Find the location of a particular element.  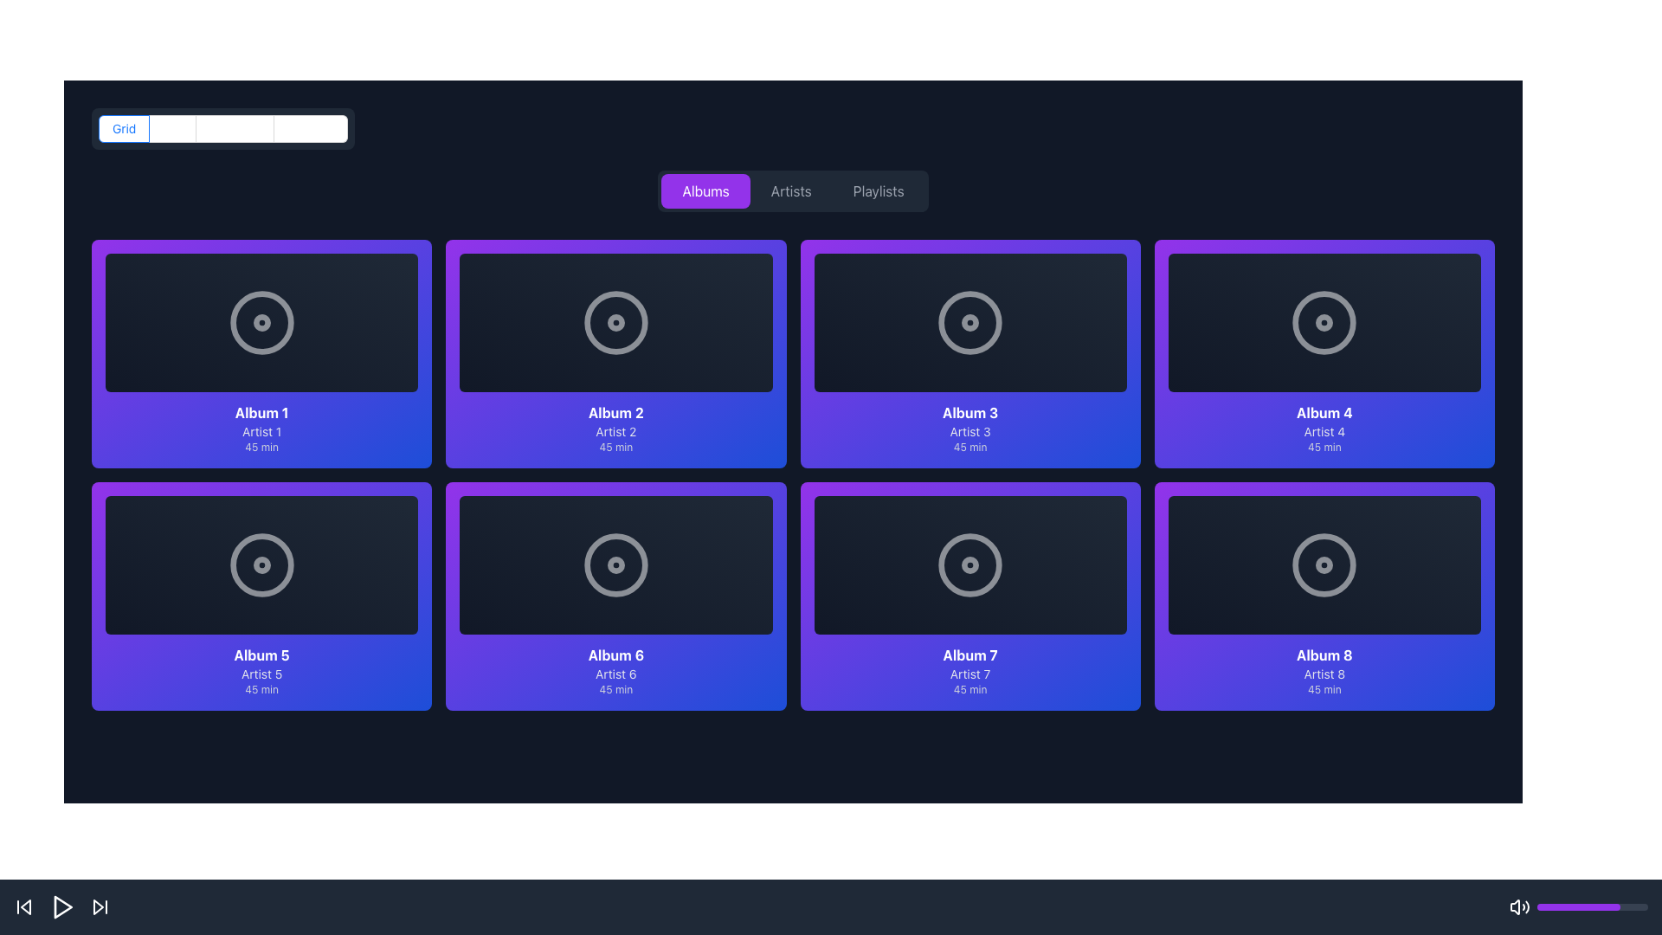

the slider value is located at coordinates (1591, 906).